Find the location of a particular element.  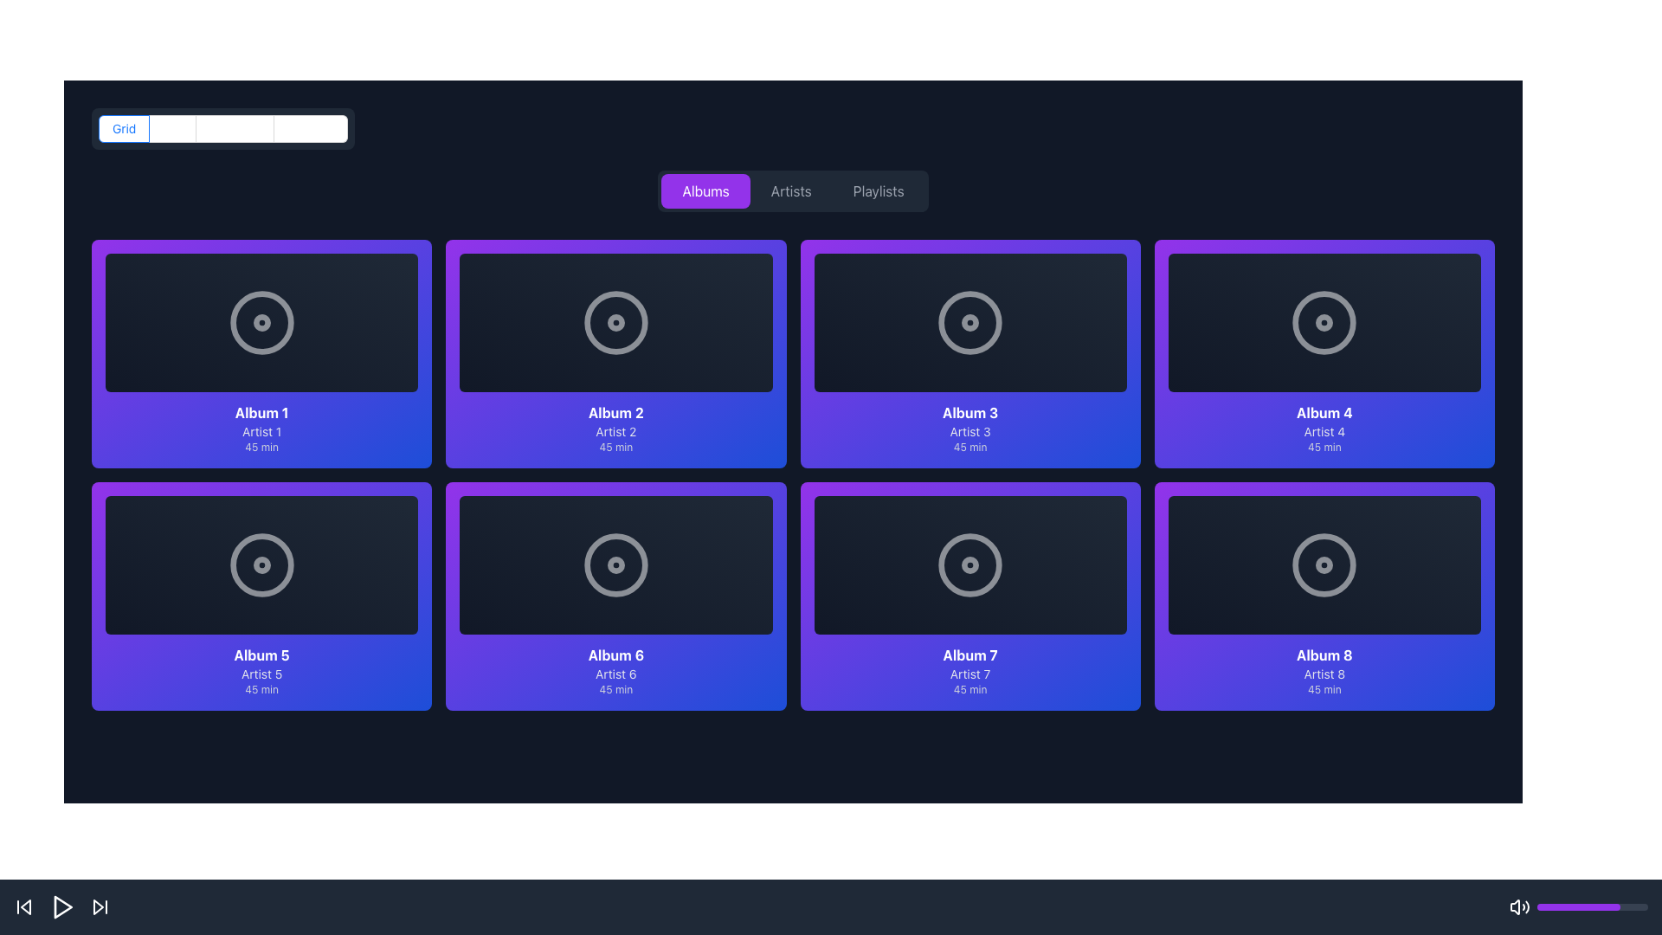

the slider value is located at coordinates (1591, 906).